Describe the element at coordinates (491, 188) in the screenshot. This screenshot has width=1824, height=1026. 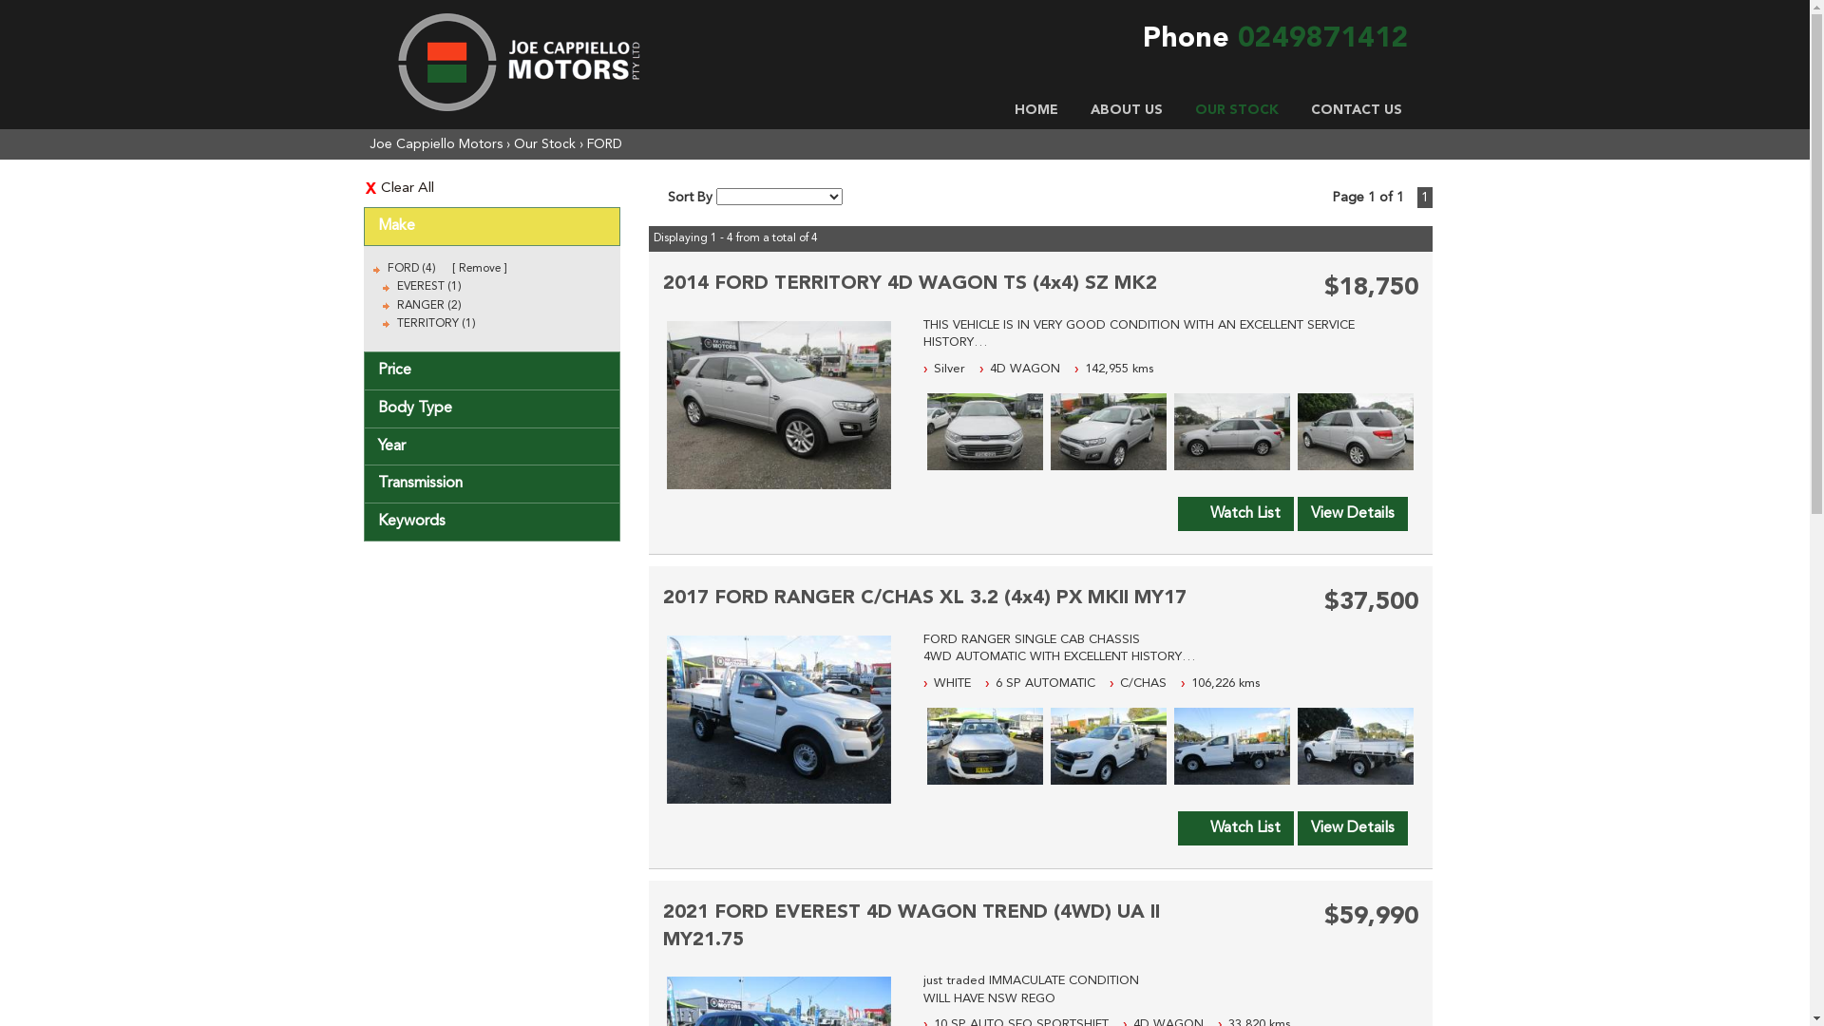
I see `'Clear All'` at that location.